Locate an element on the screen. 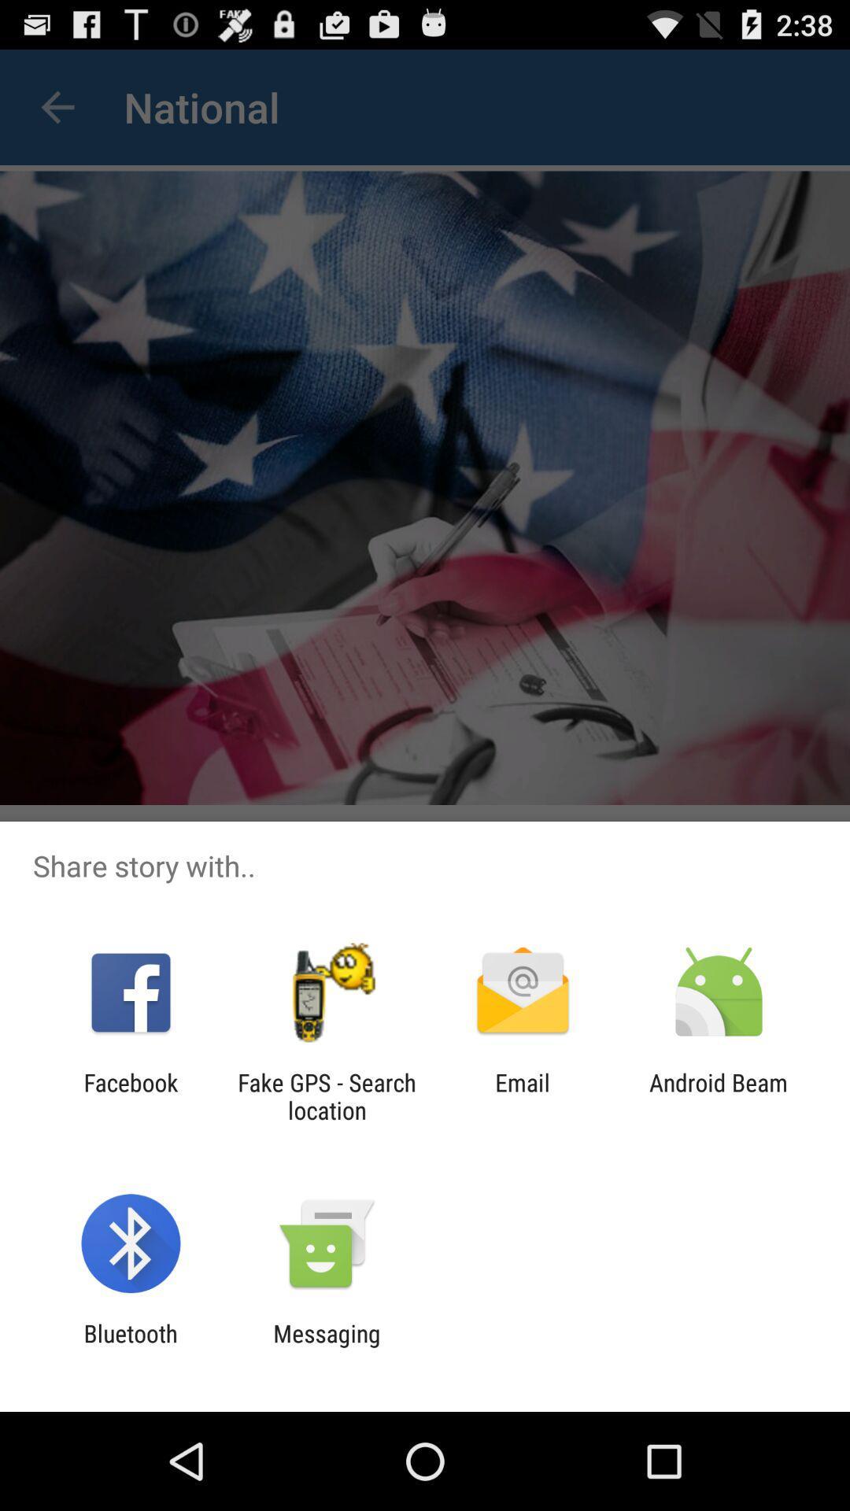  messaging app is located at coordinates (326, 1347).